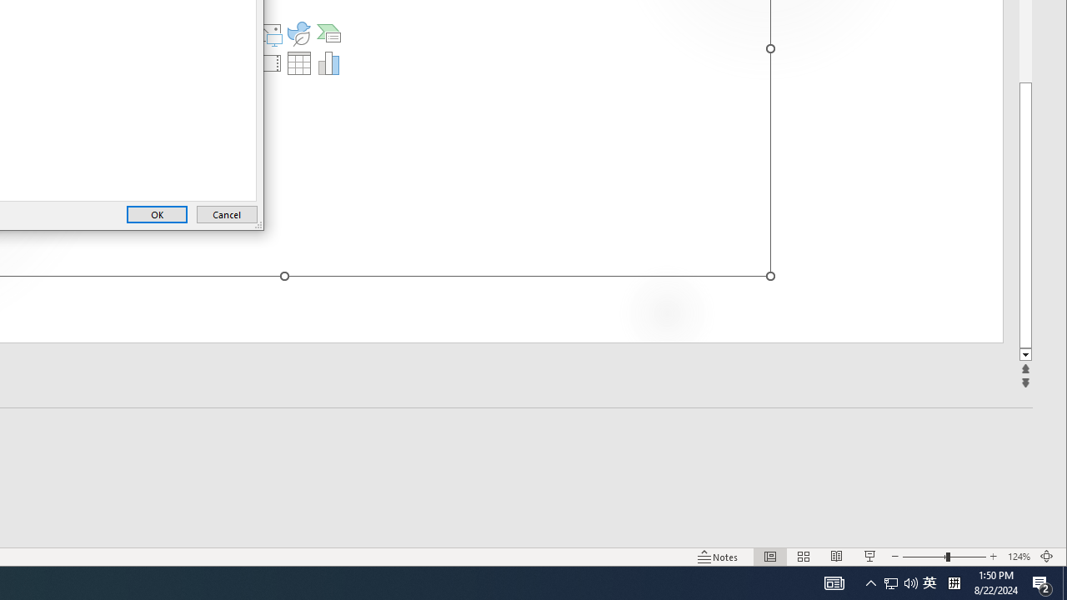 The image size is (1067, 600). Describe the element at coordinates (299, 32) in the screenshot. I see `'Insert an Icon'` at that location.